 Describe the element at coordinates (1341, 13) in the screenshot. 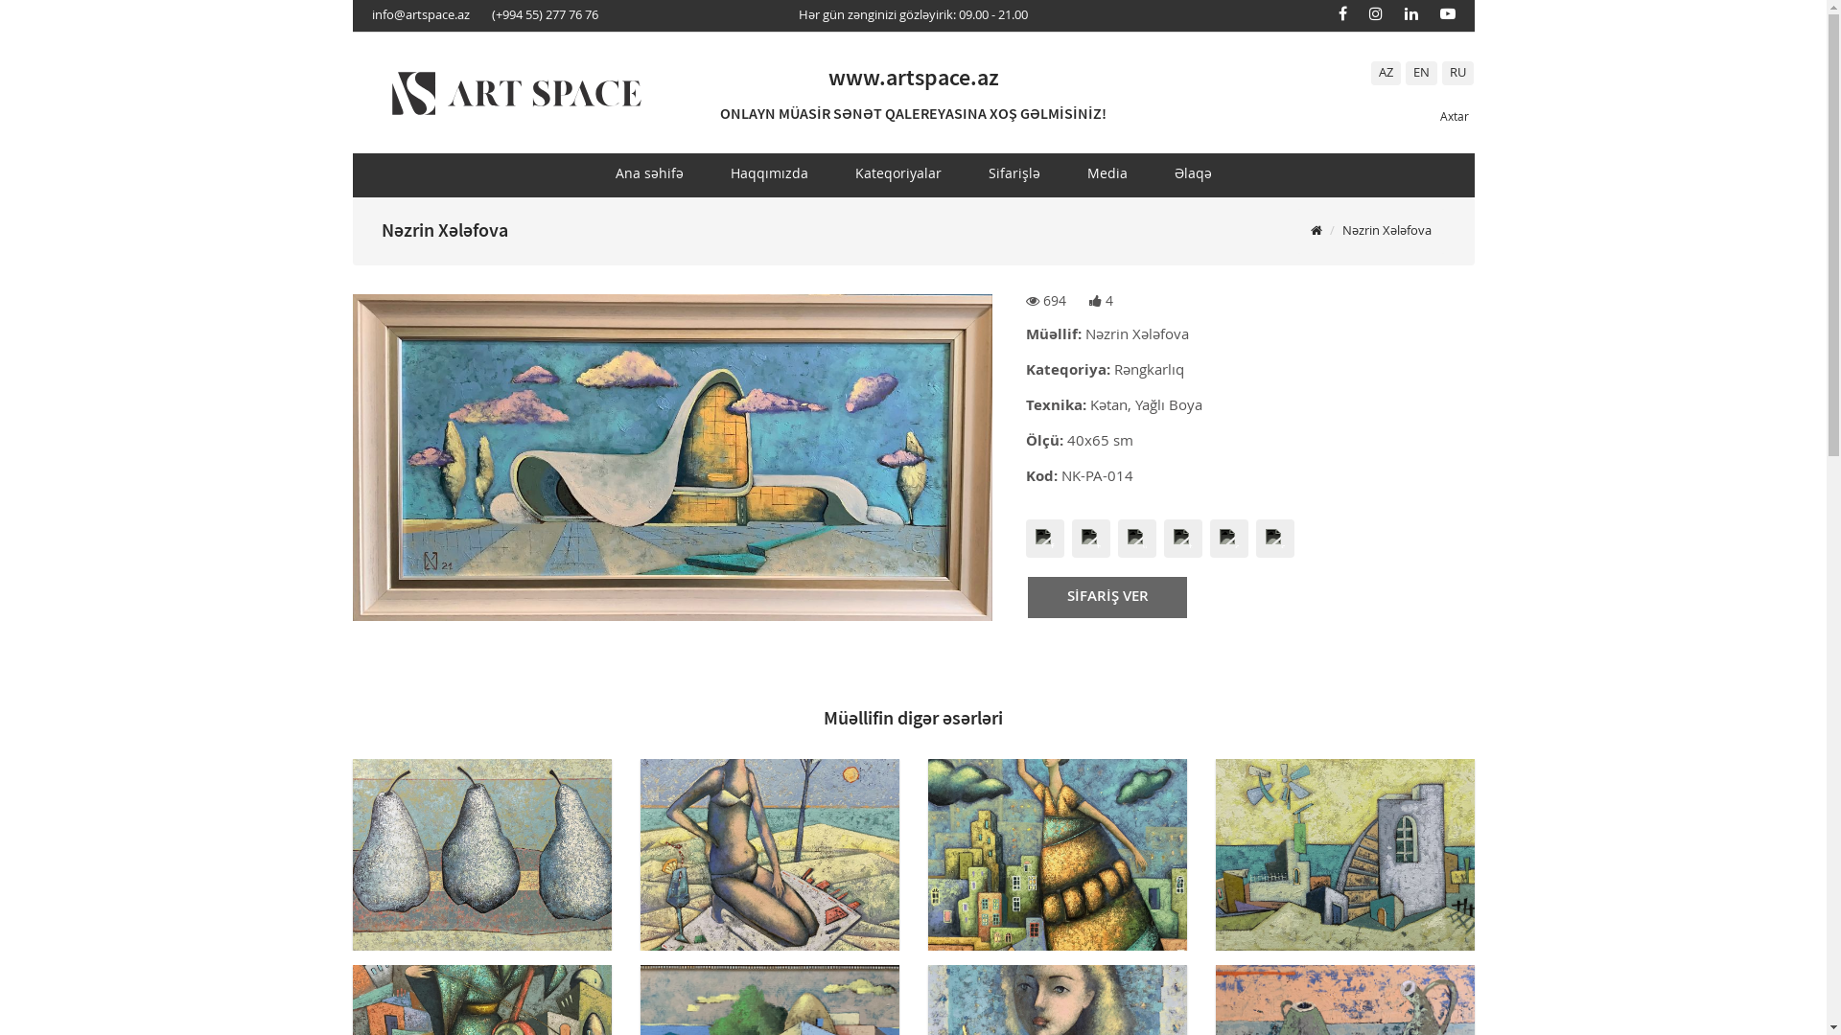

I see `'Facebook'` at that location.